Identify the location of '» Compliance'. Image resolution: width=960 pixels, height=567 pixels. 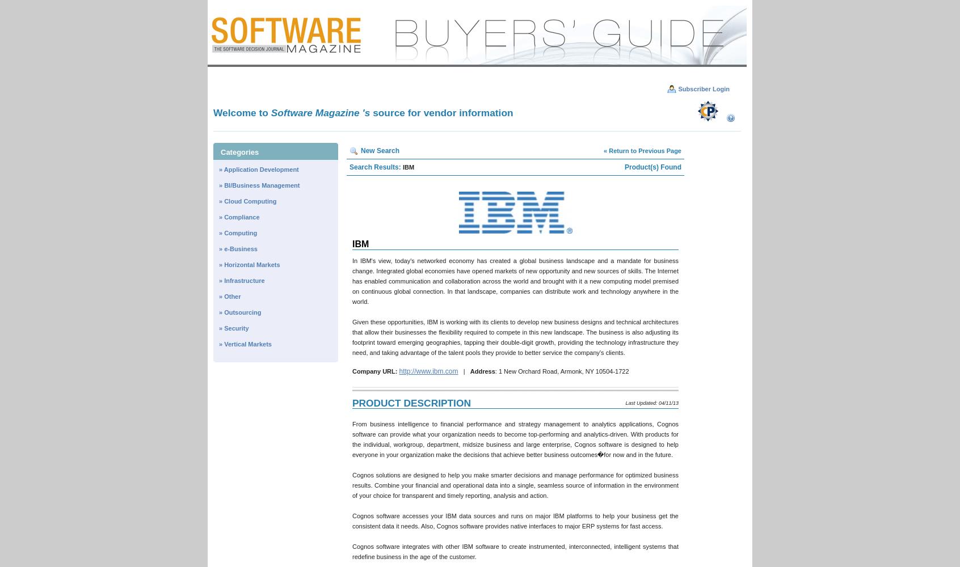
(218, 217).